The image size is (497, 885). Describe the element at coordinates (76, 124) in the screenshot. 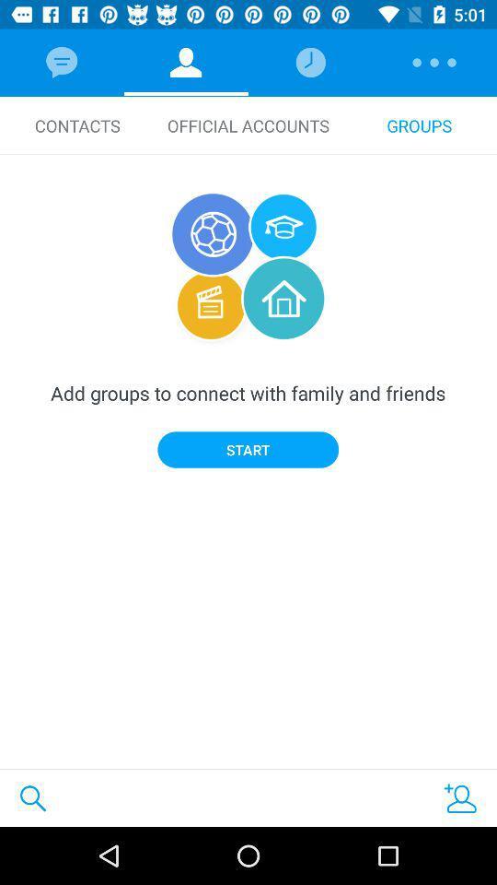

I see `the contacts icon` at that location.